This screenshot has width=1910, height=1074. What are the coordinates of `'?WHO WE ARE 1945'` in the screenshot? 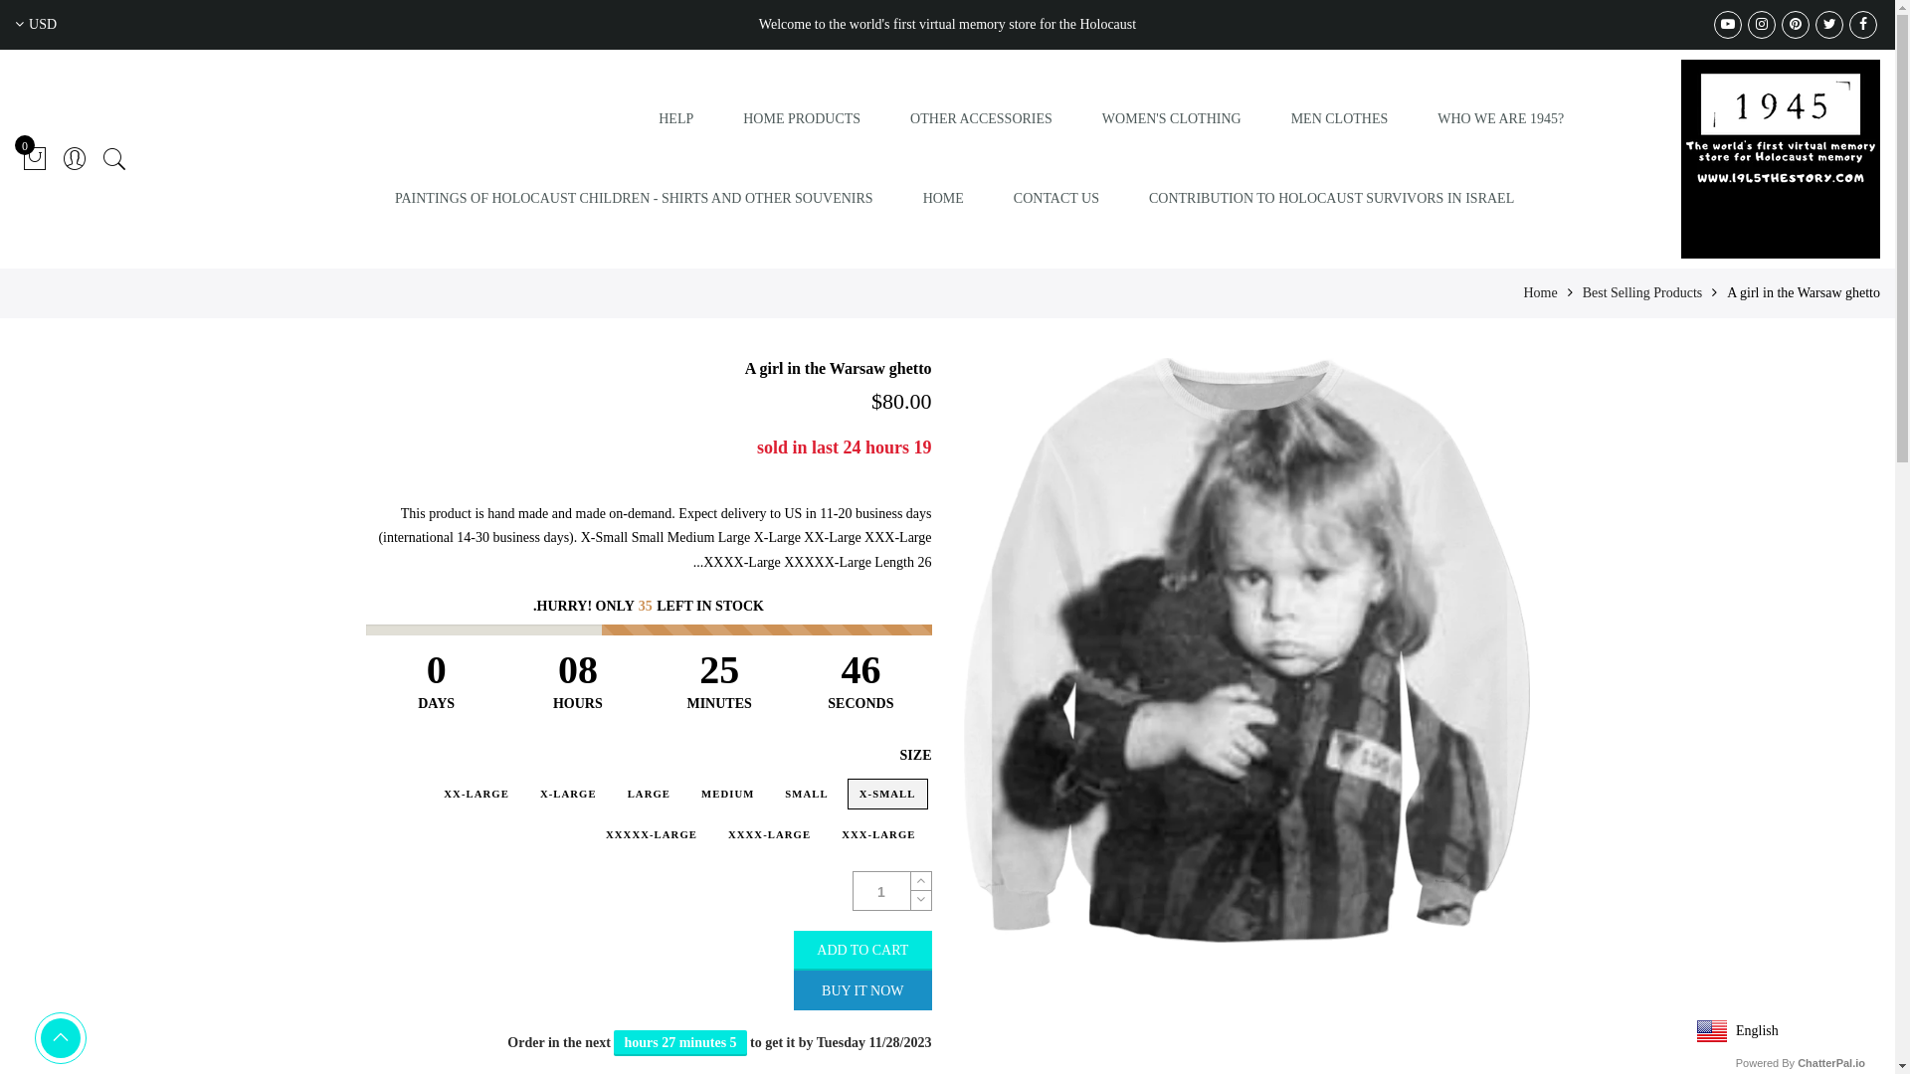 It's located at (1500, 118).